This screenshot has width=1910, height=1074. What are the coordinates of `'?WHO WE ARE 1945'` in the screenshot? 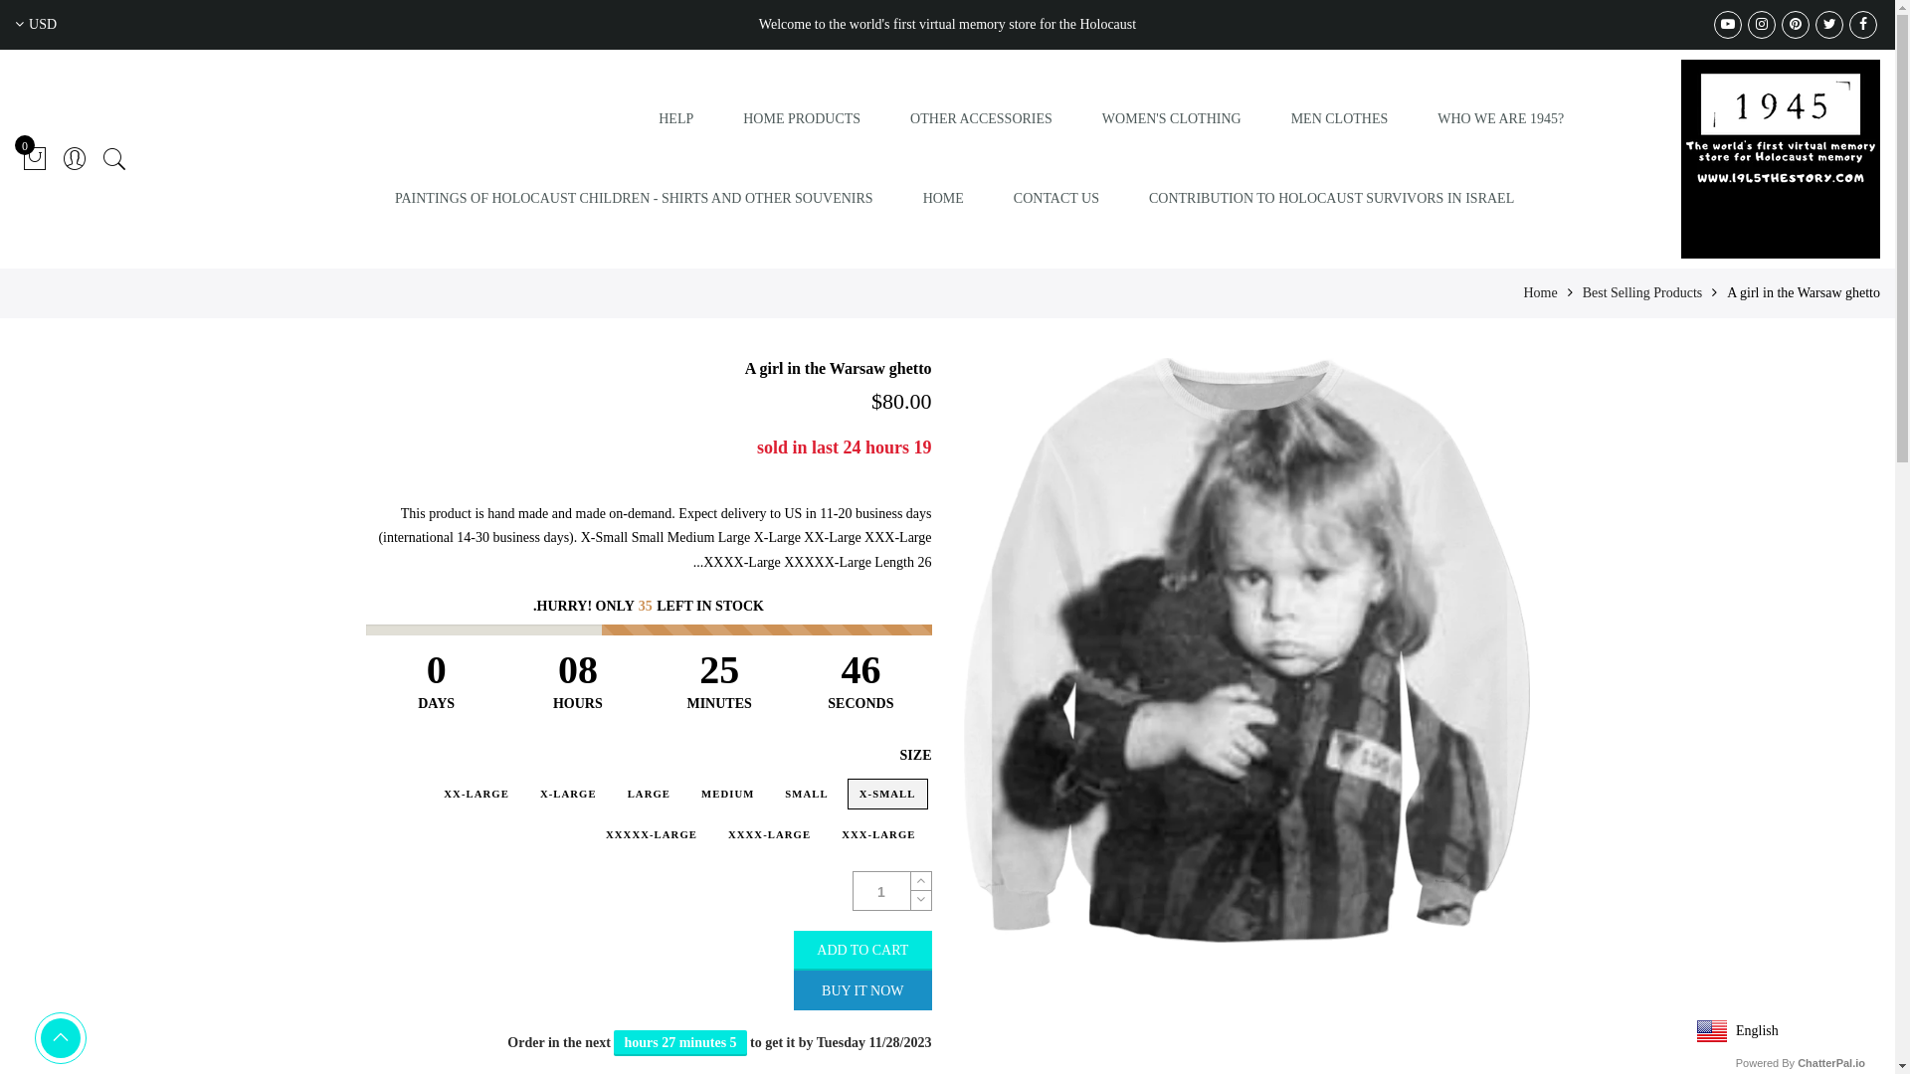 It's located at (1500, 118).